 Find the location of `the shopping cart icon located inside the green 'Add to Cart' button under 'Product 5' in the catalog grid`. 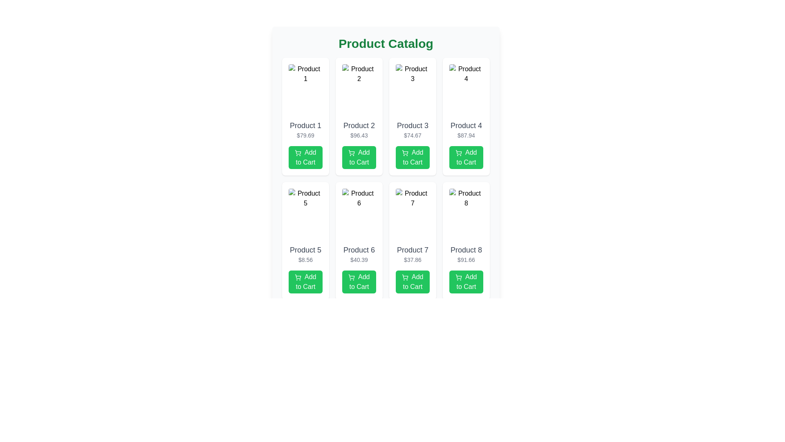

the shopping cart icon located inside the green 'Add to Cart' button under 'Product 5' in the catalog grid is located at coordinates (298, 277).